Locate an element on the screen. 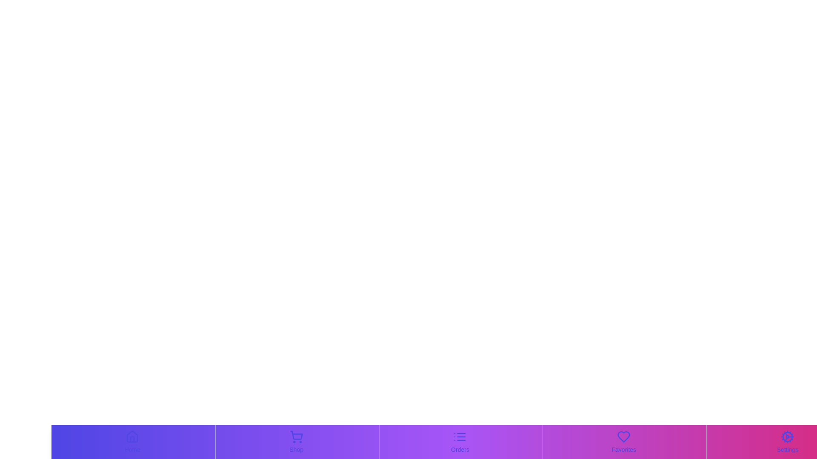 Image resolution: width=817 pixels, height=459 pixels. the Settings tab by clicking on its corresponding button is located at coordinates (787, 442).